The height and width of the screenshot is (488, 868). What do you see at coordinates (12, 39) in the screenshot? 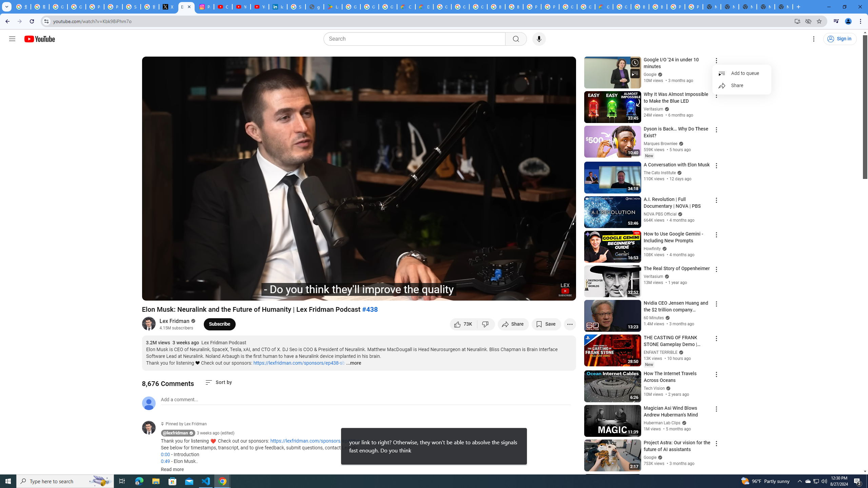
I see `'Guide'` at bounding box center [12, 39].